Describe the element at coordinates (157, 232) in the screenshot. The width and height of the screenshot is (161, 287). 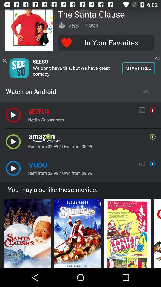
I see `the national_flag icon` at that location.